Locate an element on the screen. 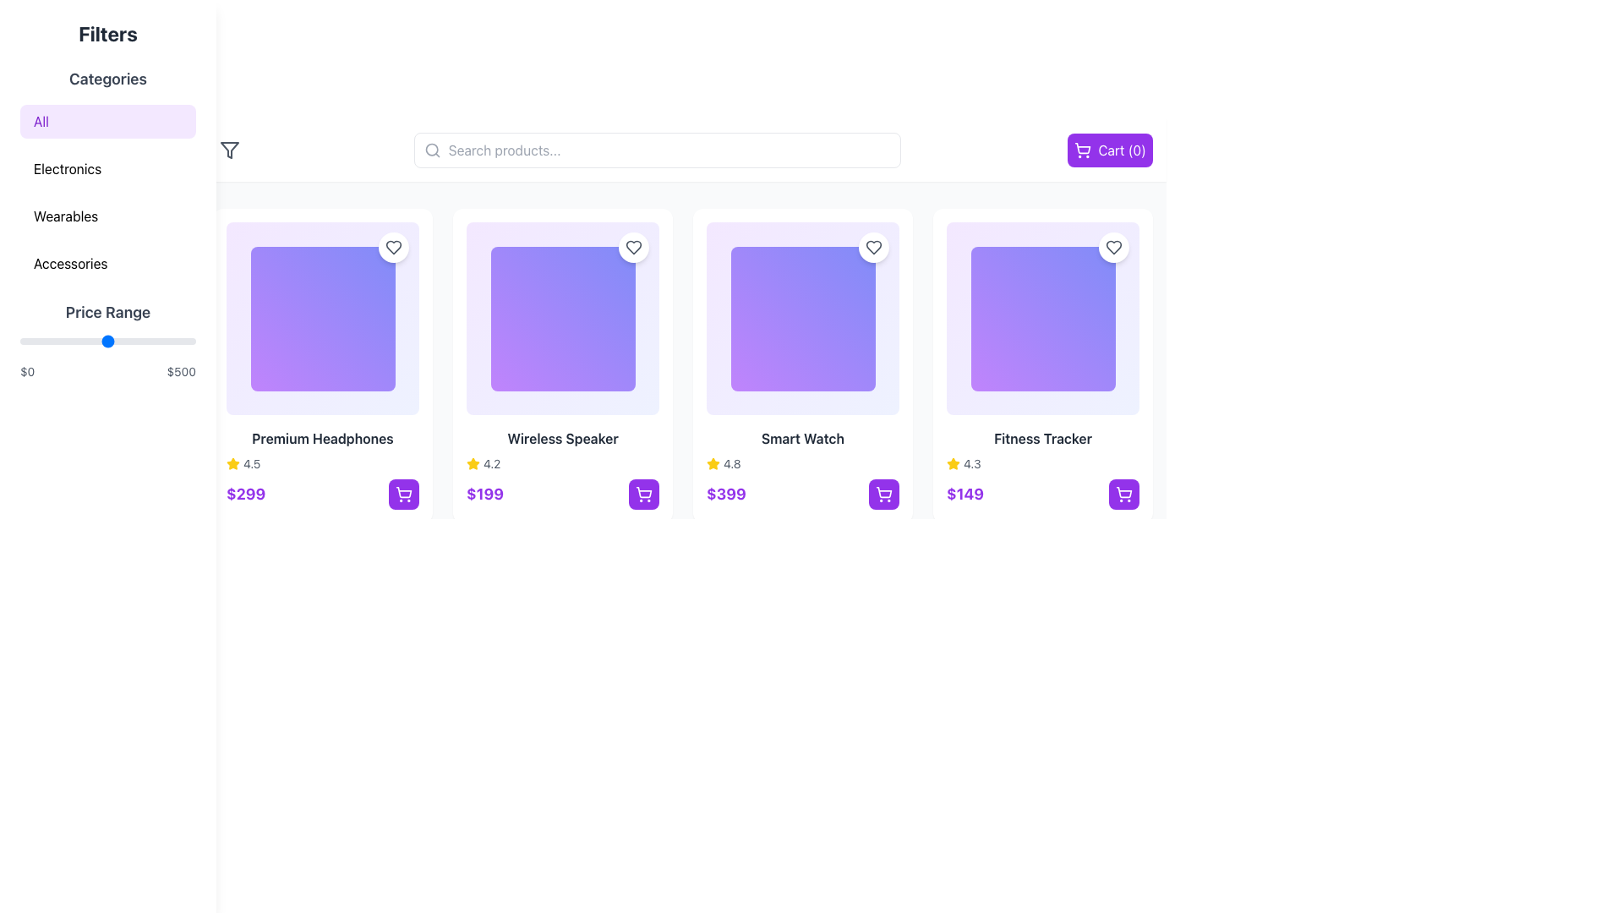  'All' button located beneath the 'Categories' heading in the sidebar, which has a purple background and rounded corners is located at coordinates (107, 120).